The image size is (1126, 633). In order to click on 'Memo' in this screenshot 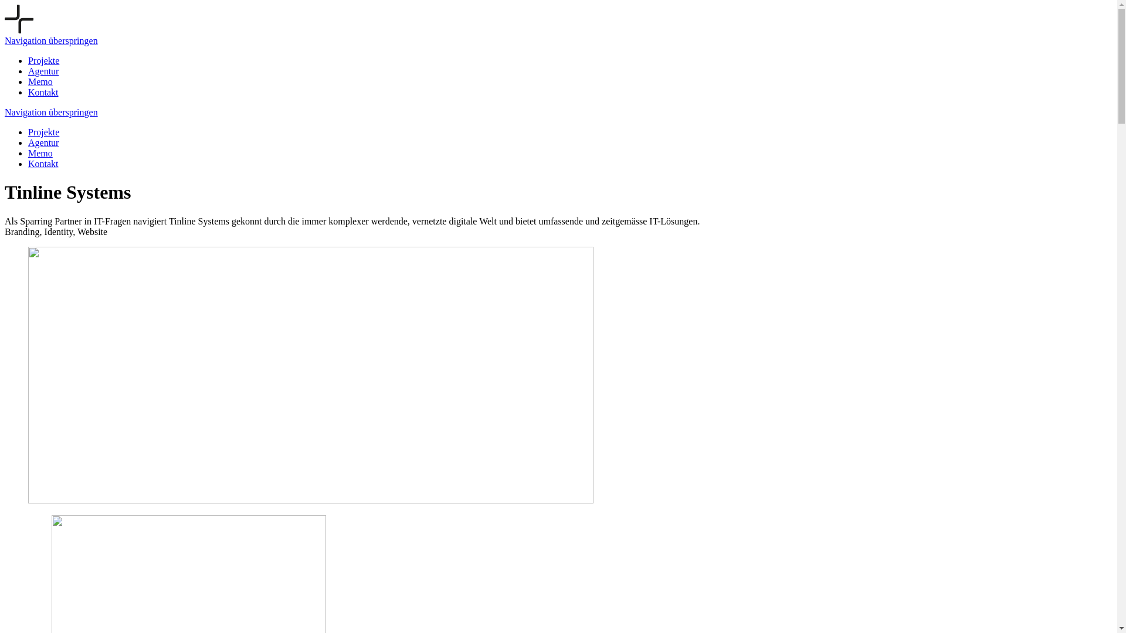, I will do `click(40, 81)`.